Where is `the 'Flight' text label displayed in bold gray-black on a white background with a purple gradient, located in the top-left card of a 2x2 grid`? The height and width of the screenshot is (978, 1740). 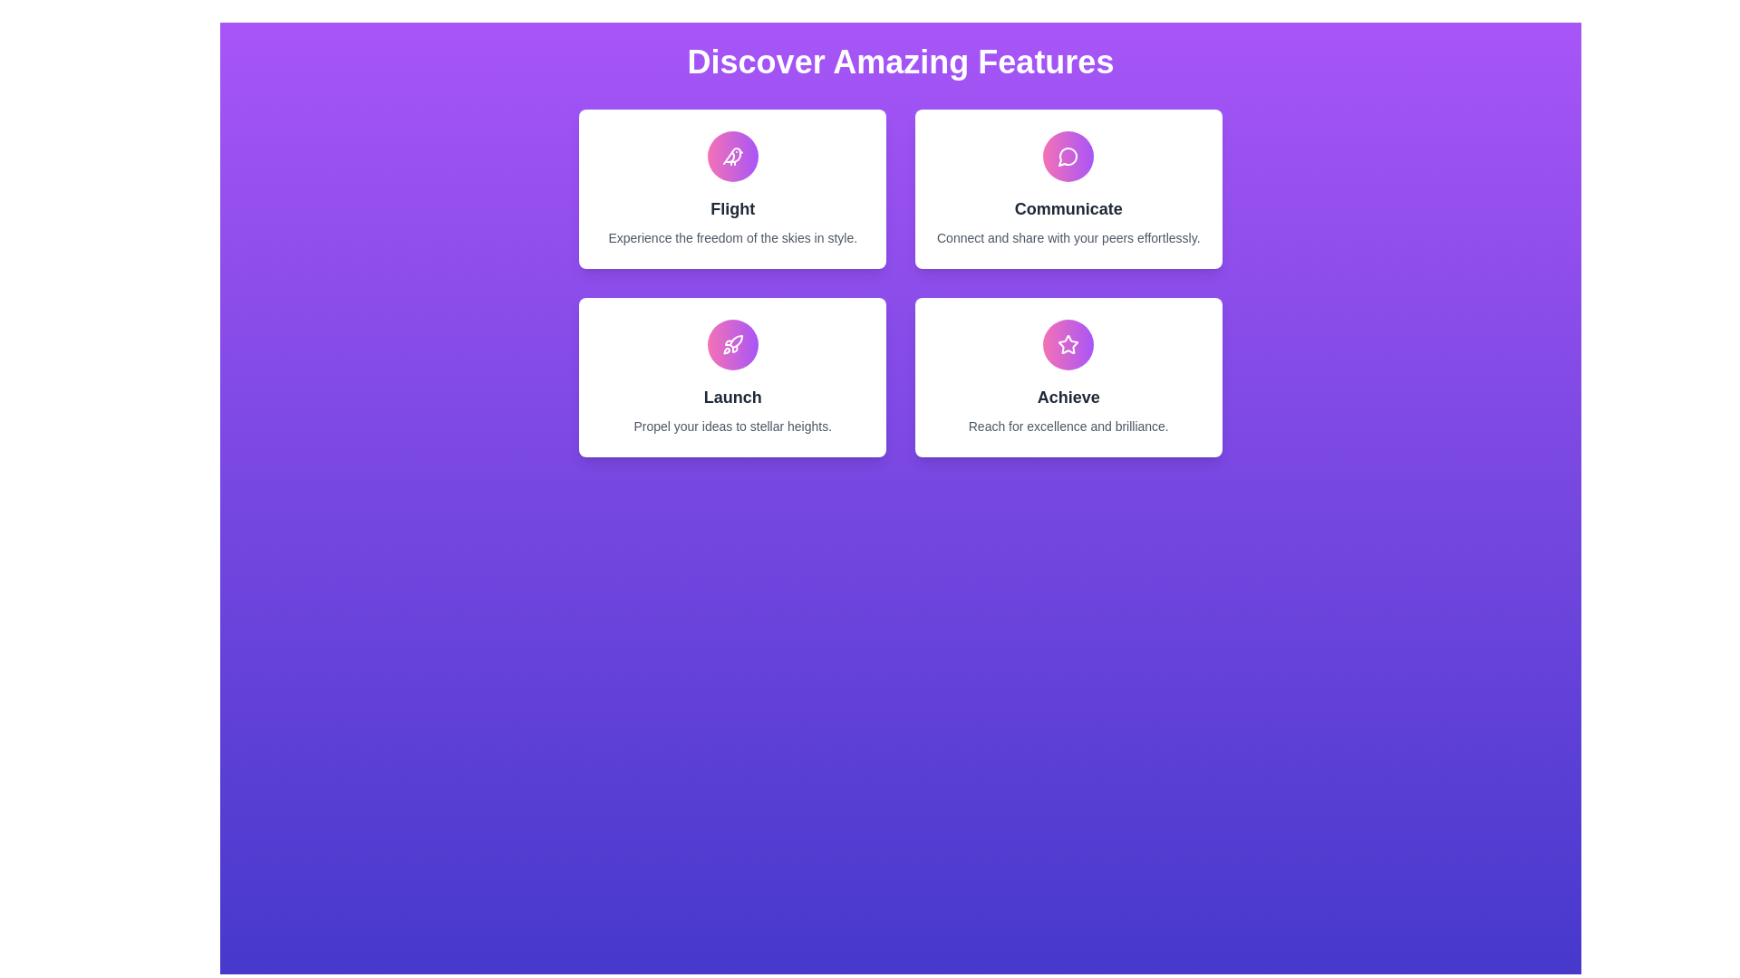
the 'Flight' text label displayed in bold gray-black on a white background with a purple gradient, located in the top-left card of a 2x2 grid is located at coordinates (732, 208).